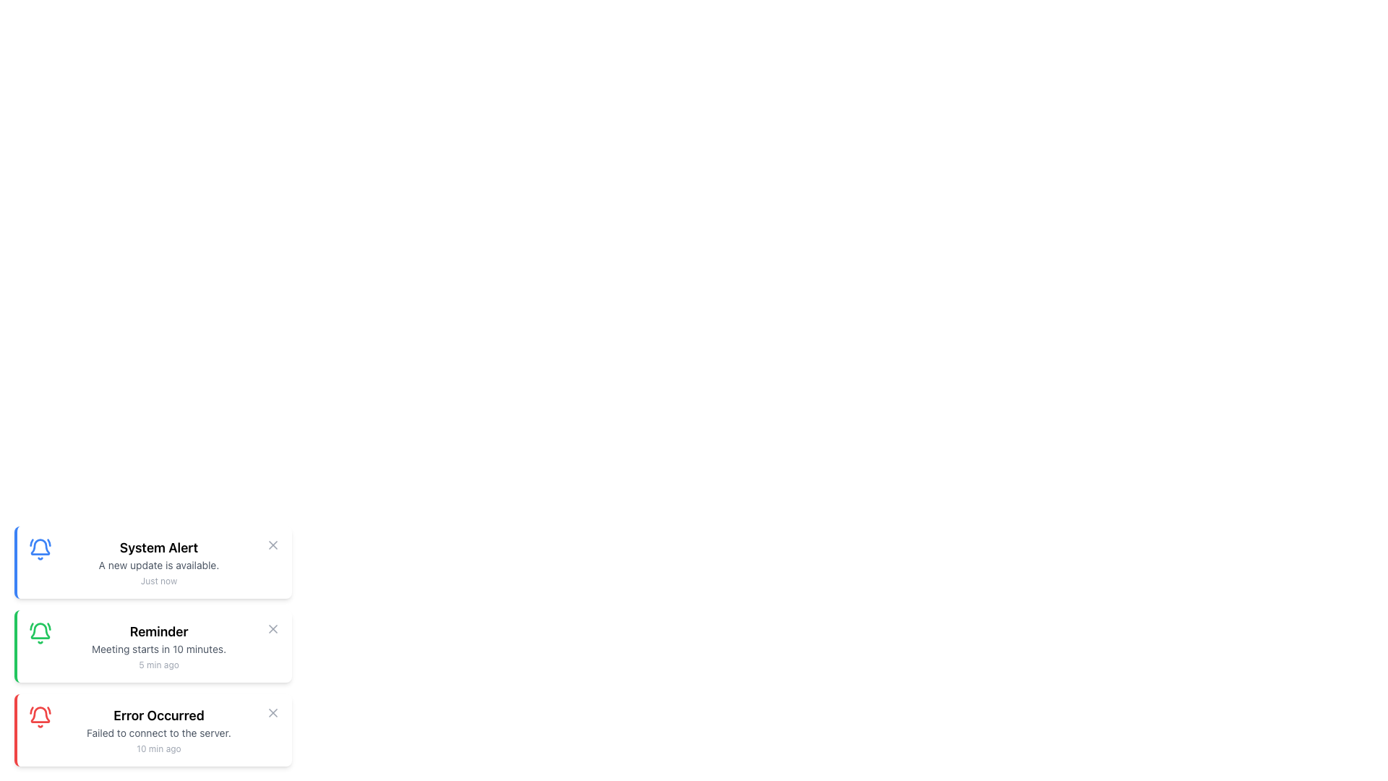 This screenshot has width=1388, height=781. What do you see at coordinates (159, 665) in the screenshot?
I see `the text displaying the time elapsed since the notification was created, located at the bottom of the 'Reminder' section, below 'Meeting starts in 10 minutes.'` at bounding box center [159, 665].